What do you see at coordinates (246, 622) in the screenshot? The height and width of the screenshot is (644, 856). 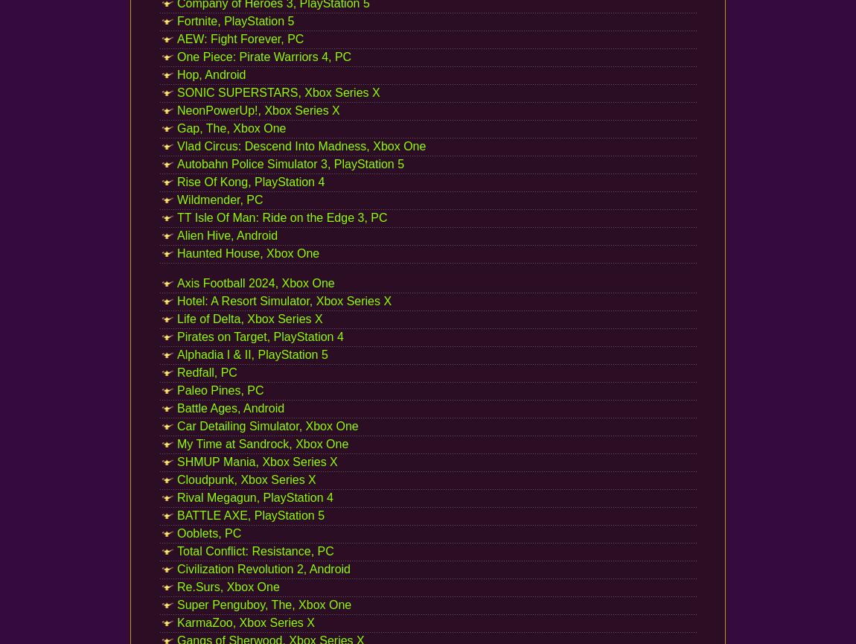 I see `'KarmaZoo, Xbox Series X'` at bounding box center [246, 622].